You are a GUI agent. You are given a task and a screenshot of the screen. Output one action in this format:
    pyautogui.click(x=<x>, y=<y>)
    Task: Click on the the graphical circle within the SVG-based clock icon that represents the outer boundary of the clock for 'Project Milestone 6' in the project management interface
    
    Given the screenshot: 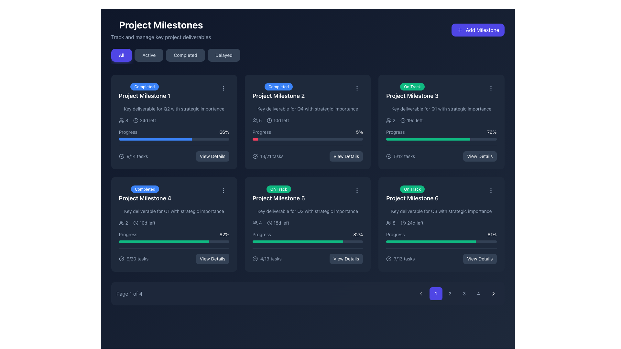 What is the action you would take?
    pyautogui.click(x=403, y=223)
    